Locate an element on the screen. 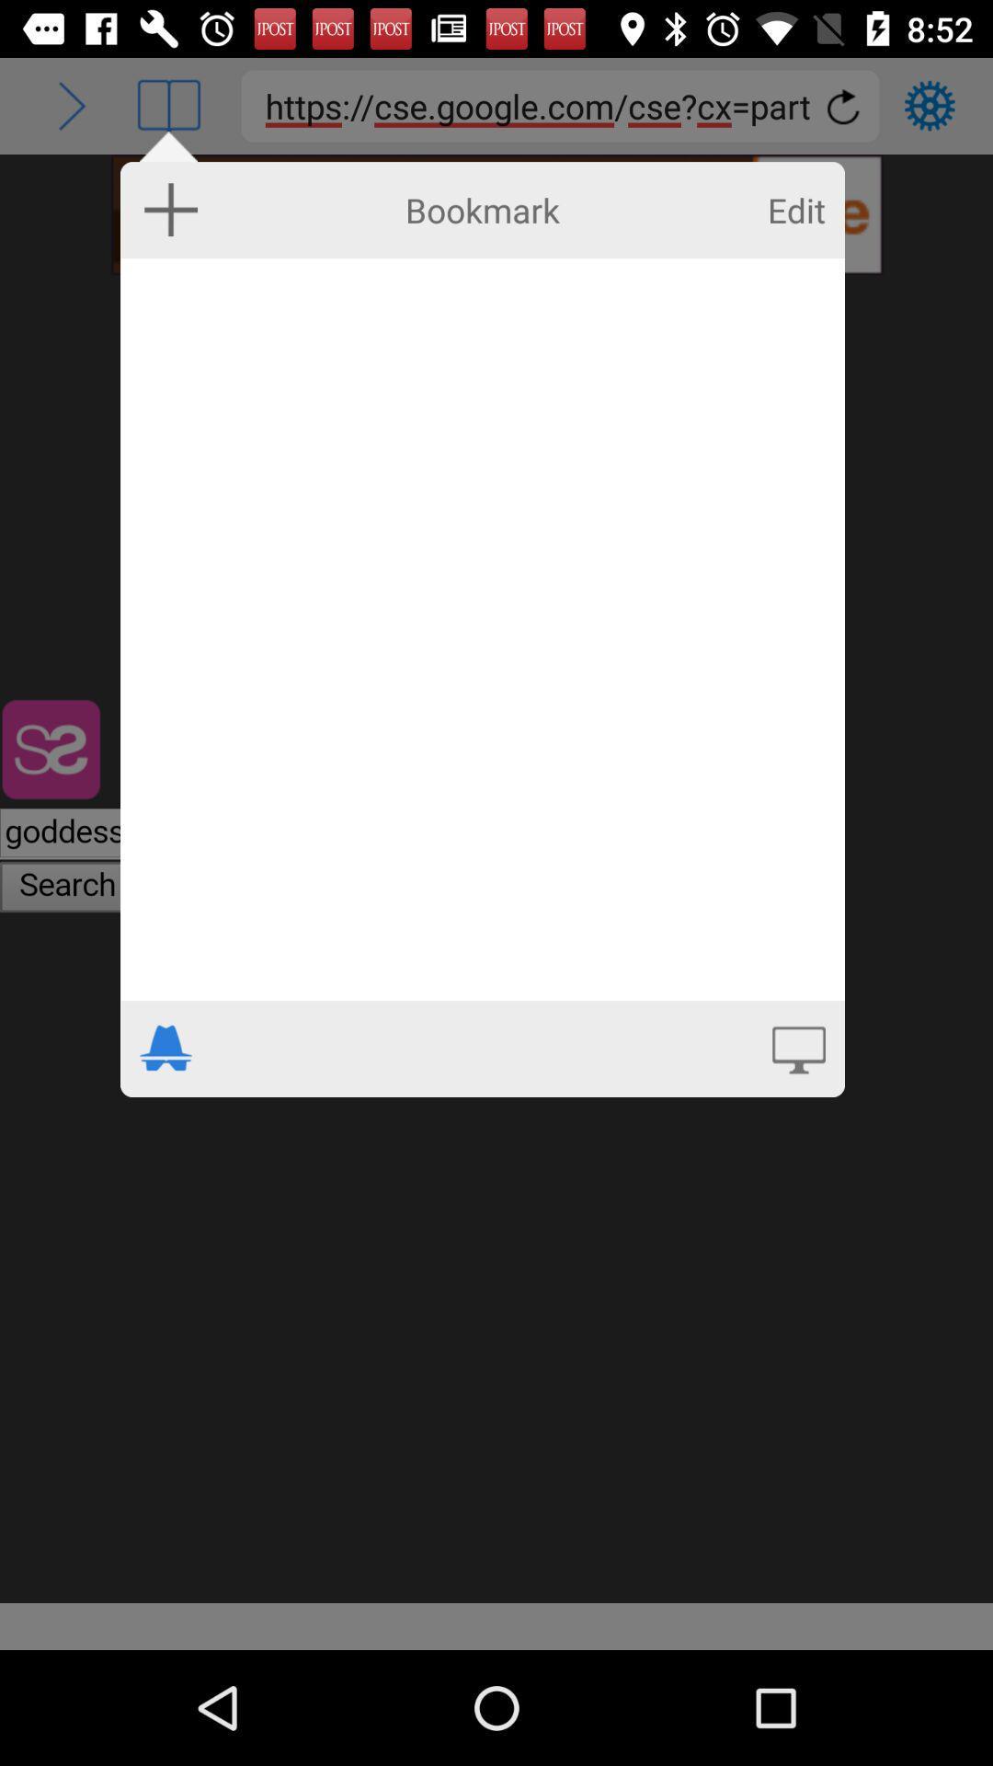  icon to the left of bookmark is located at coordinates (171, 209).